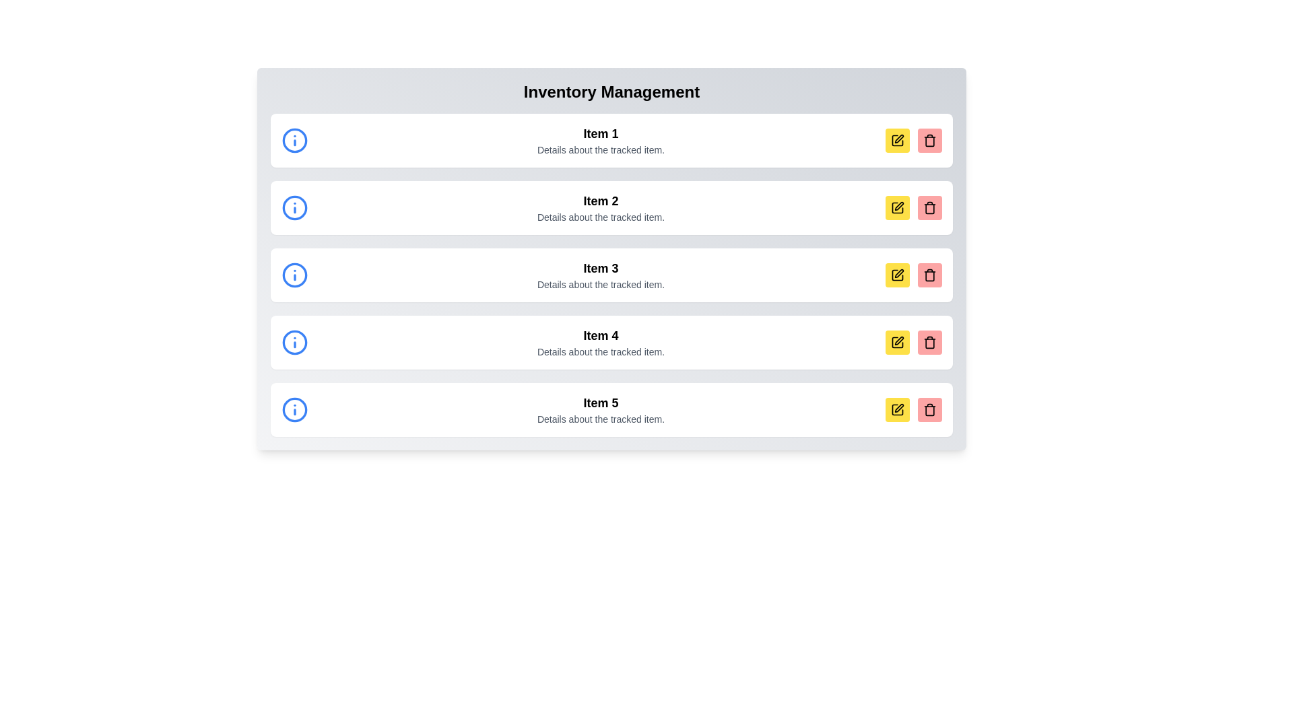 The image size is (1293, 727). What do you see at coordinates (898, 140) in the screenshot?
I see `the pencil icon within the edit button in the first row of the Inventory Management system to initiate the edit action for the corresponding list item` at bounding box center [898, 140].